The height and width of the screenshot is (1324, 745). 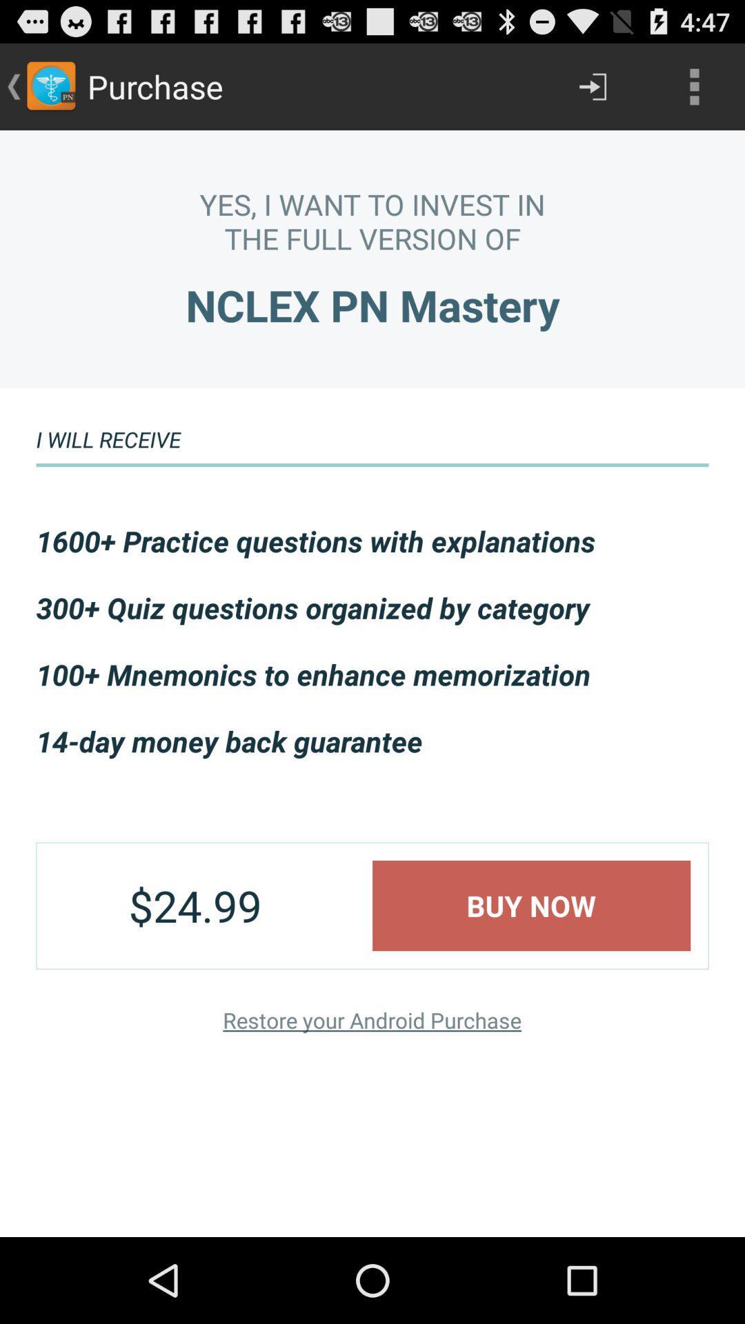 What do you see at coordinates (371, 1020) in the screenshot?
I see `the restore your android icon` at bounding box center [371, 1020].